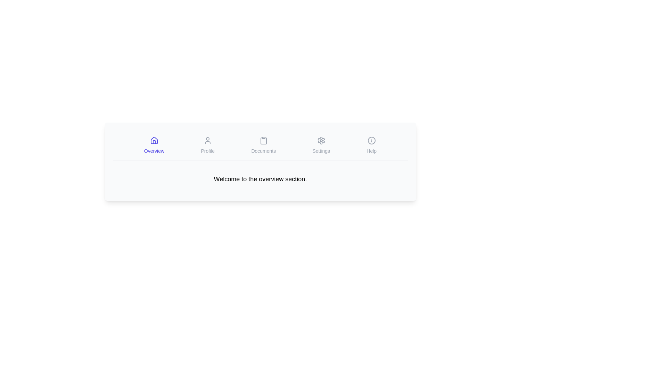  What do you see at coordinates (207, 145) in the screenshot?
I see `the interactive navigation tab that links to the user's profile section` at bounding box center [207, 145].